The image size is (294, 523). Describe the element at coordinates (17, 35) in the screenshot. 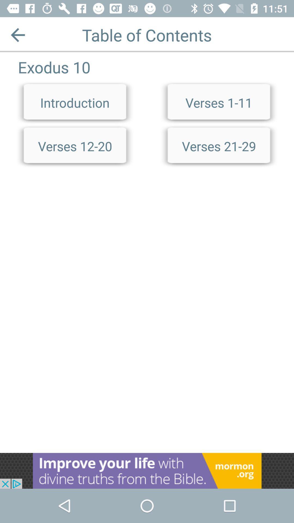

I see `go back` at that location.